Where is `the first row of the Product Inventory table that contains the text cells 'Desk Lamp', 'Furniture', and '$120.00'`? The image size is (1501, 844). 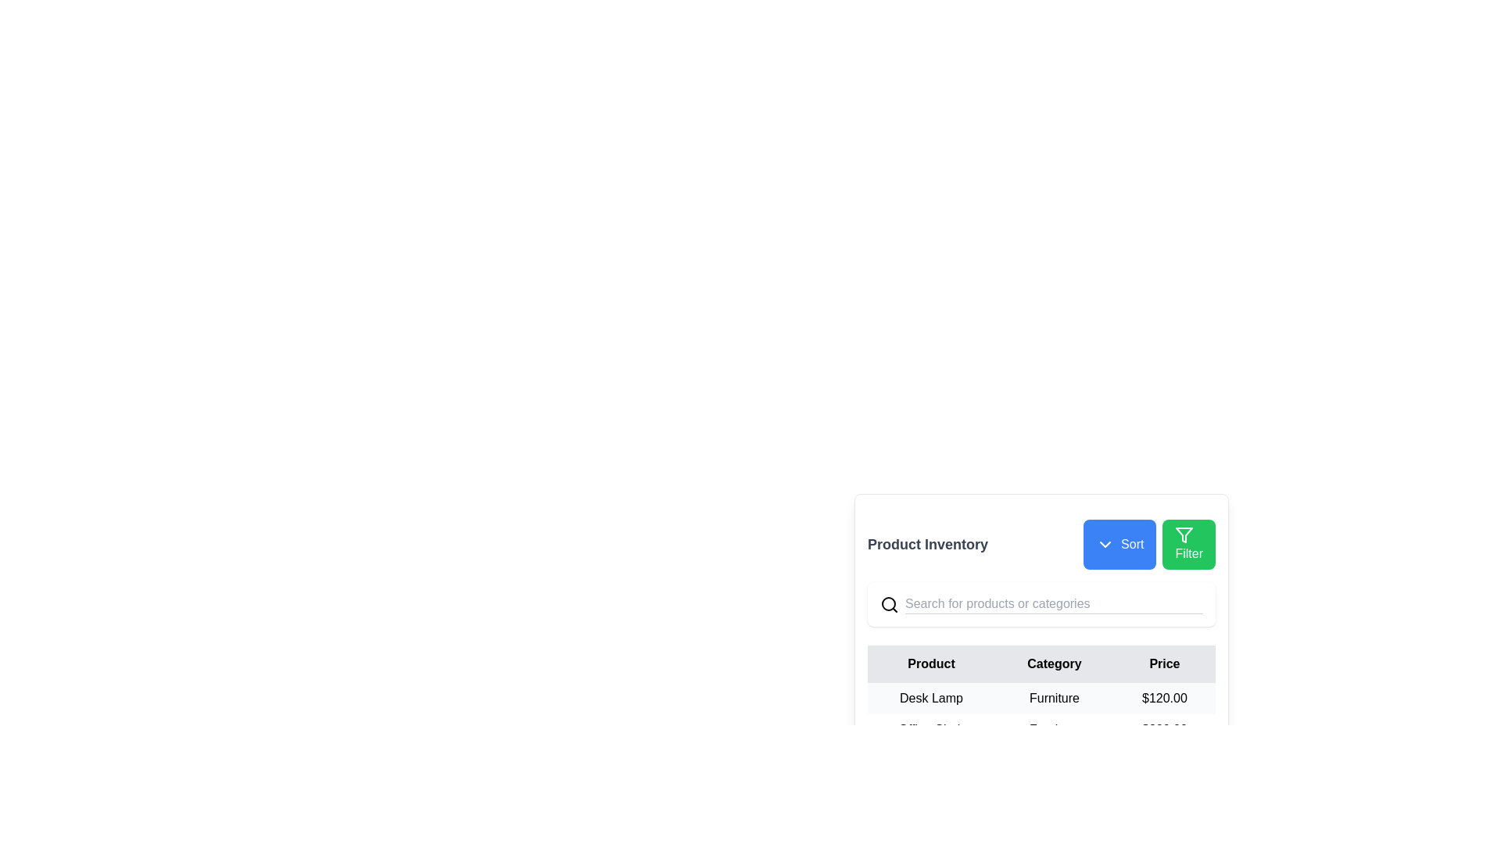 the first row of the Product Inventory table that contains the text cells 'Desk Lamp', 'Furniture', and '$120.00' is located at coordinates (1041, 698).